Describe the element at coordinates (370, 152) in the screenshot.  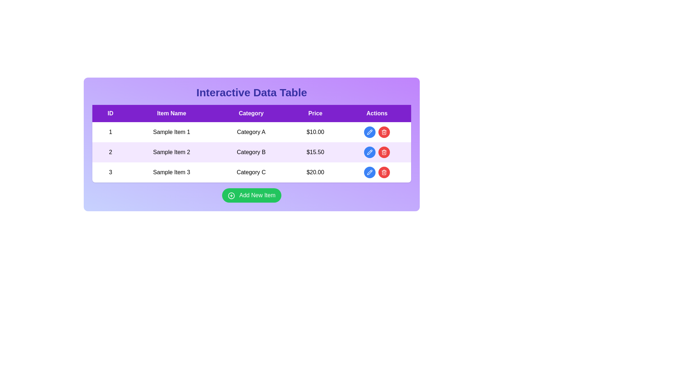
I see `the edit button located in the 'Actions' column of the second row in the table` at that location.